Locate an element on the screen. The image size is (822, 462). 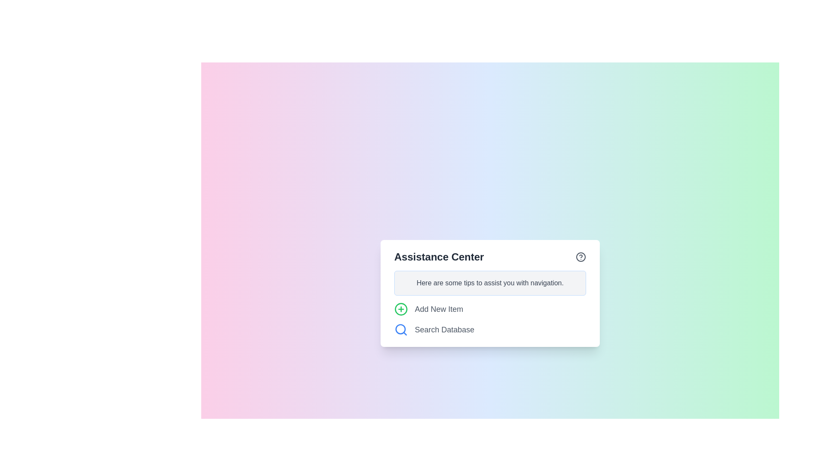
the help icon located to the far right of the 'Assistance Center' text label is located at coordinates (581, 257).